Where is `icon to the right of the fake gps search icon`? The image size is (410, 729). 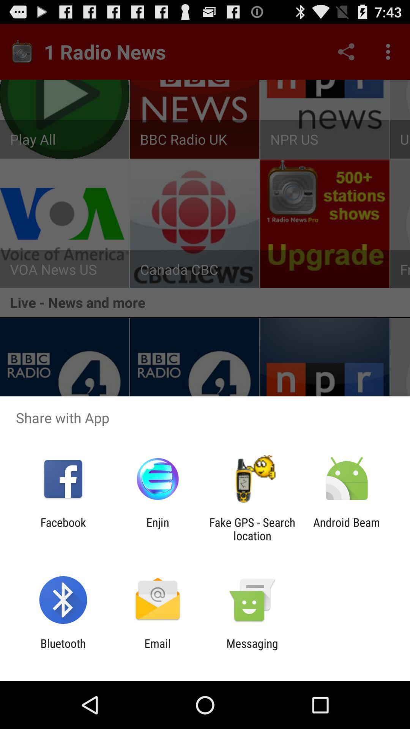 icon to the right of the fake gps search icon is located at coordinates (347, 529).